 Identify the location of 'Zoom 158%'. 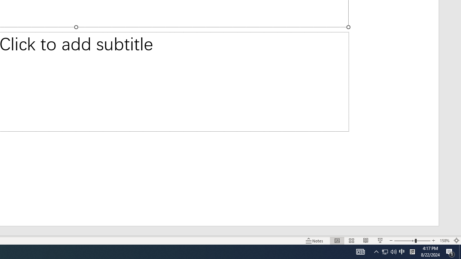
(444, 241).